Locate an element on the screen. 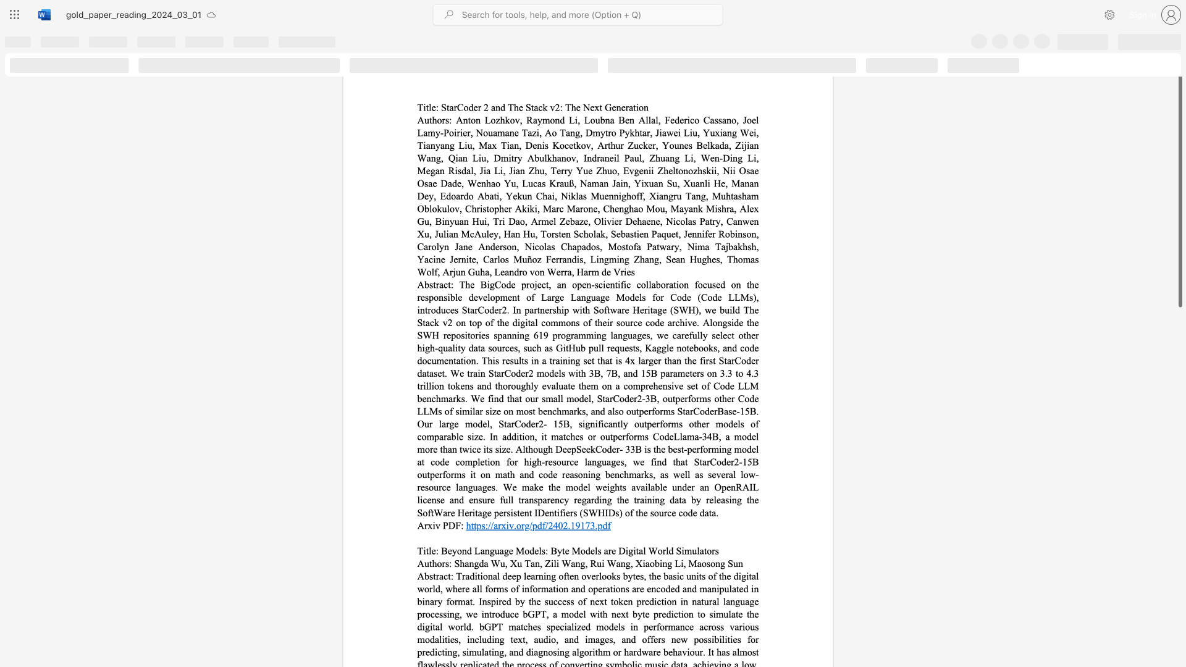  the scrollbar on the right side to scroll the page down is located at coordinates (1179, 364).